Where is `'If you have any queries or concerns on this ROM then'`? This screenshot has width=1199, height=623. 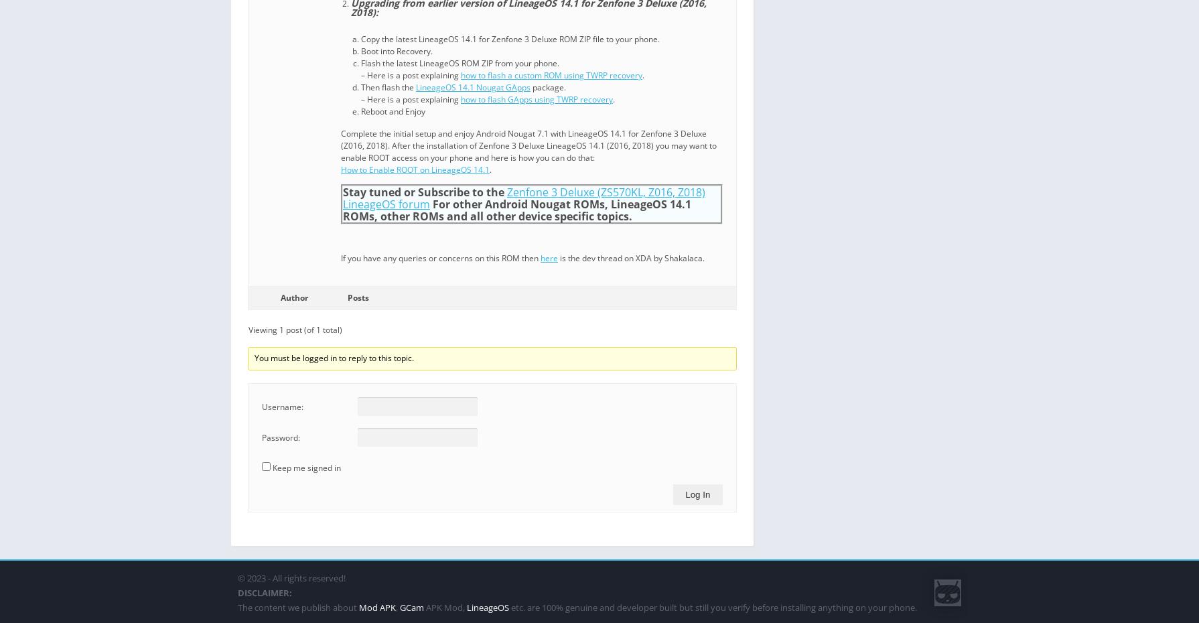 'If you have any queries or concerns on this ROM then' is located at coordinates (440, 257).